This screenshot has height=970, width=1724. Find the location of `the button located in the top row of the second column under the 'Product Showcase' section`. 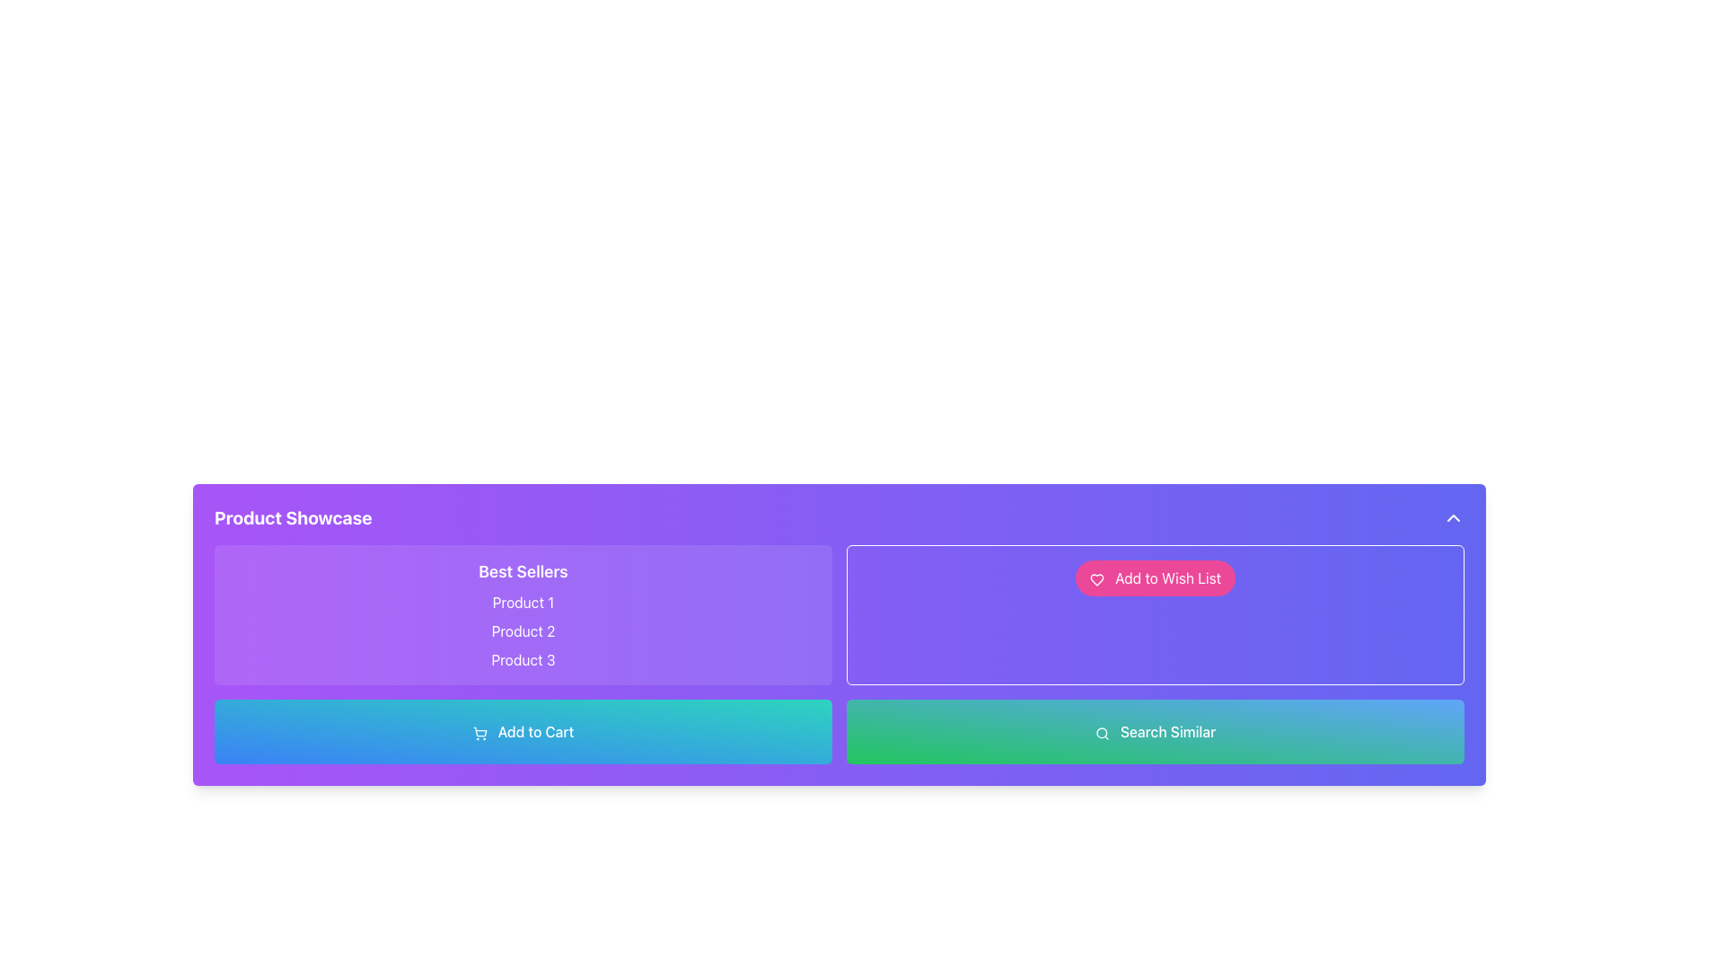

the button located in the top row of the second column under the 'Product Showcase' section is located at coordinates (1155, 614).